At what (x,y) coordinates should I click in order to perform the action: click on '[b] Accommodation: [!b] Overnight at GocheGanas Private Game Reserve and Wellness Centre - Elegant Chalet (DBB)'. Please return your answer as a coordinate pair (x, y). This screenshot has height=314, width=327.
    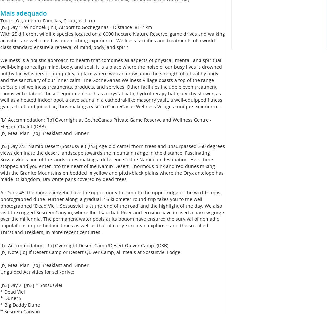
    Looking at the image, I should click on (105, 123).